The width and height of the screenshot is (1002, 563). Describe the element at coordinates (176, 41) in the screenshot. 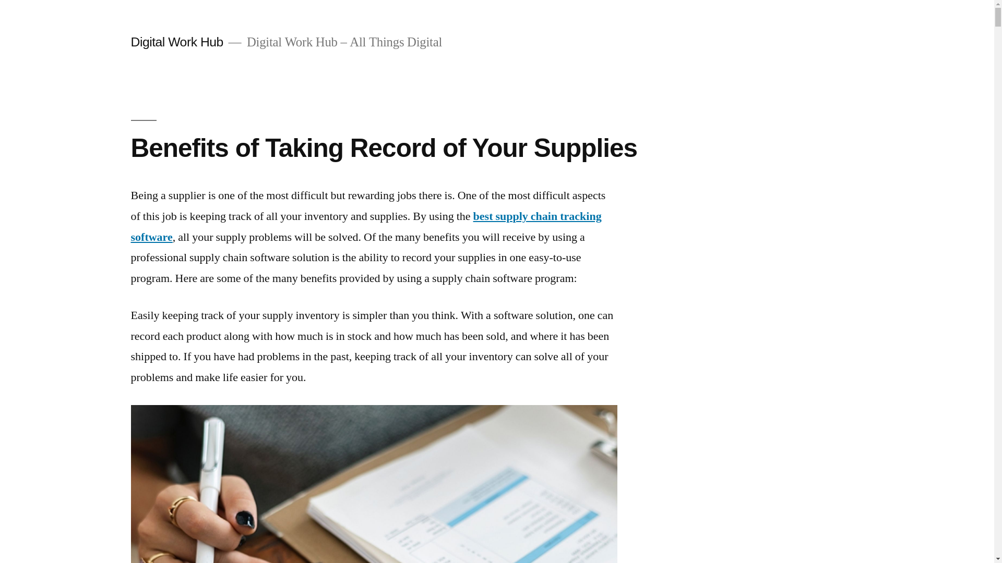

I see `'Digital Work Hub'` at that location.